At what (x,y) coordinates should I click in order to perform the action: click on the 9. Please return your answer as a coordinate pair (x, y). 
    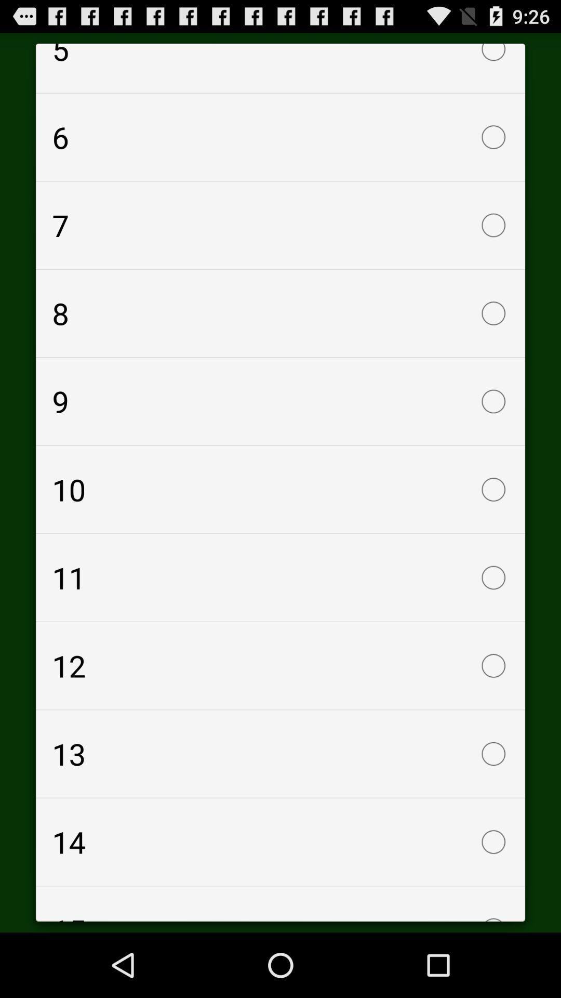
    Looking at the image, I should click on (280, 401).